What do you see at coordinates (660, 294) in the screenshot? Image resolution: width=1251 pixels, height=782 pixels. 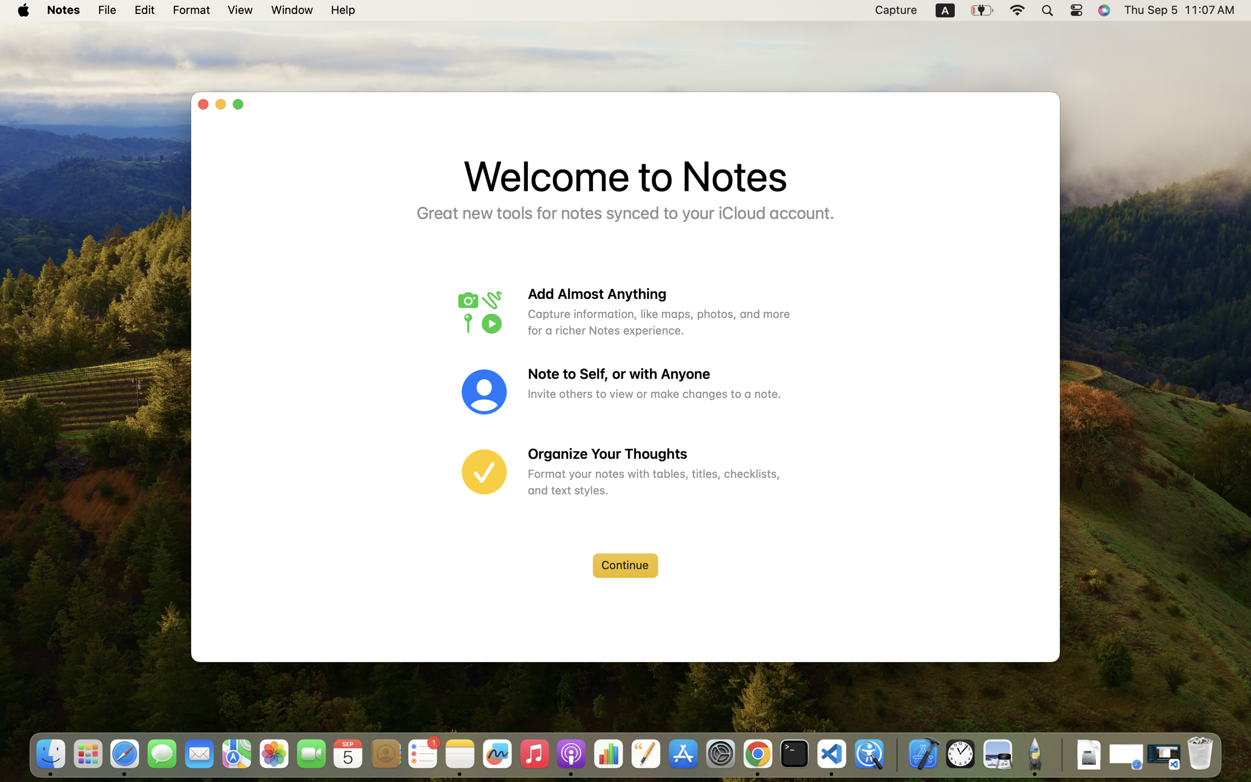 I see `'Add Almost Anything'` at bounding box center [660, 294].